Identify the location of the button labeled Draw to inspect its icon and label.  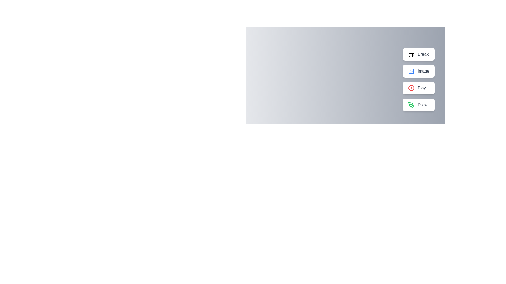
(418, 105).